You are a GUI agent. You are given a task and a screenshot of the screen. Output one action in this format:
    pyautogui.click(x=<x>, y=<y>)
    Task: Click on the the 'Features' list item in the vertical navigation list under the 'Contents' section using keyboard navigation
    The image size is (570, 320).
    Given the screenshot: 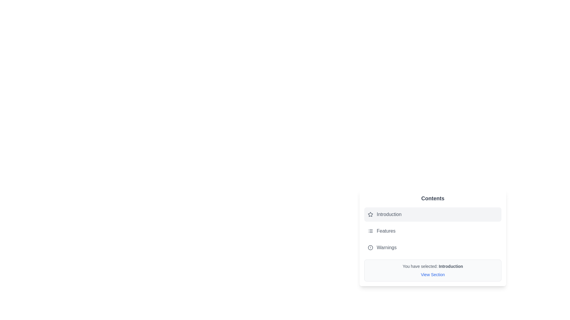 What is the action you would take?
    pyautogui.click(x=433, y=231)
    